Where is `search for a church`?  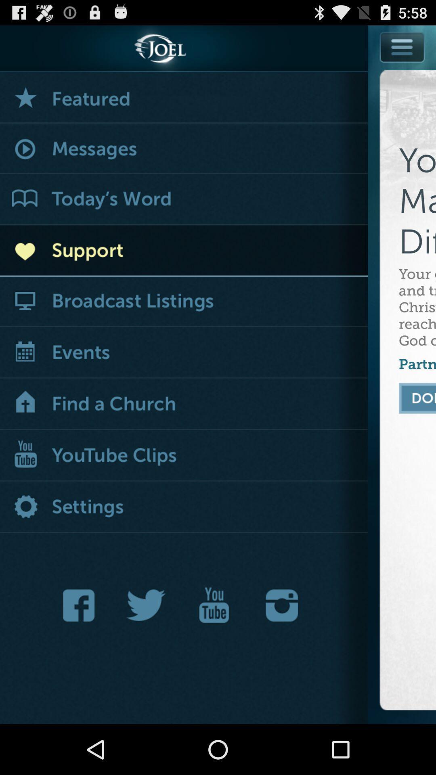
search for a church is located at coordinates (184, 404).